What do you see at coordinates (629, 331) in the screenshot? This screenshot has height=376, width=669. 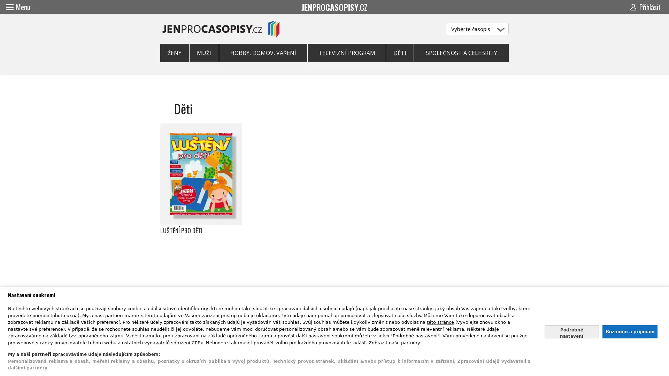 I see `Souhlasit s nasim zpracovanim udaju a zavrit` at bounding box center [629, 331].